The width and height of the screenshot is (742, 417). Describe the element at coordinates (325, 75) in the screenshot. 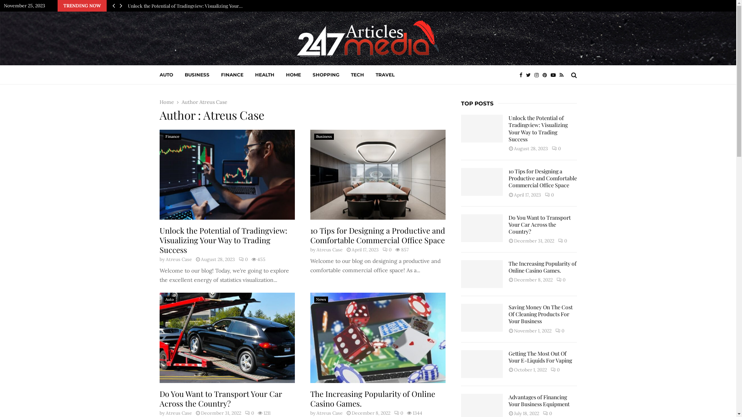

I see `'SHOPPING'` at that location.